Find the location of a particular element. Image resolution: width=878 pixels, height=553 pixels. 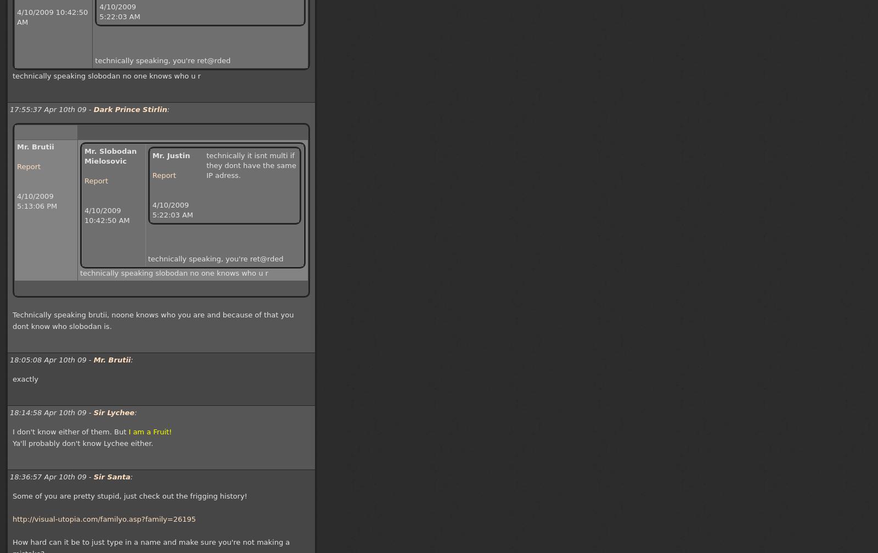

'Ya'll probably don't know Lychee either.' is located at coordinates (82, 443).